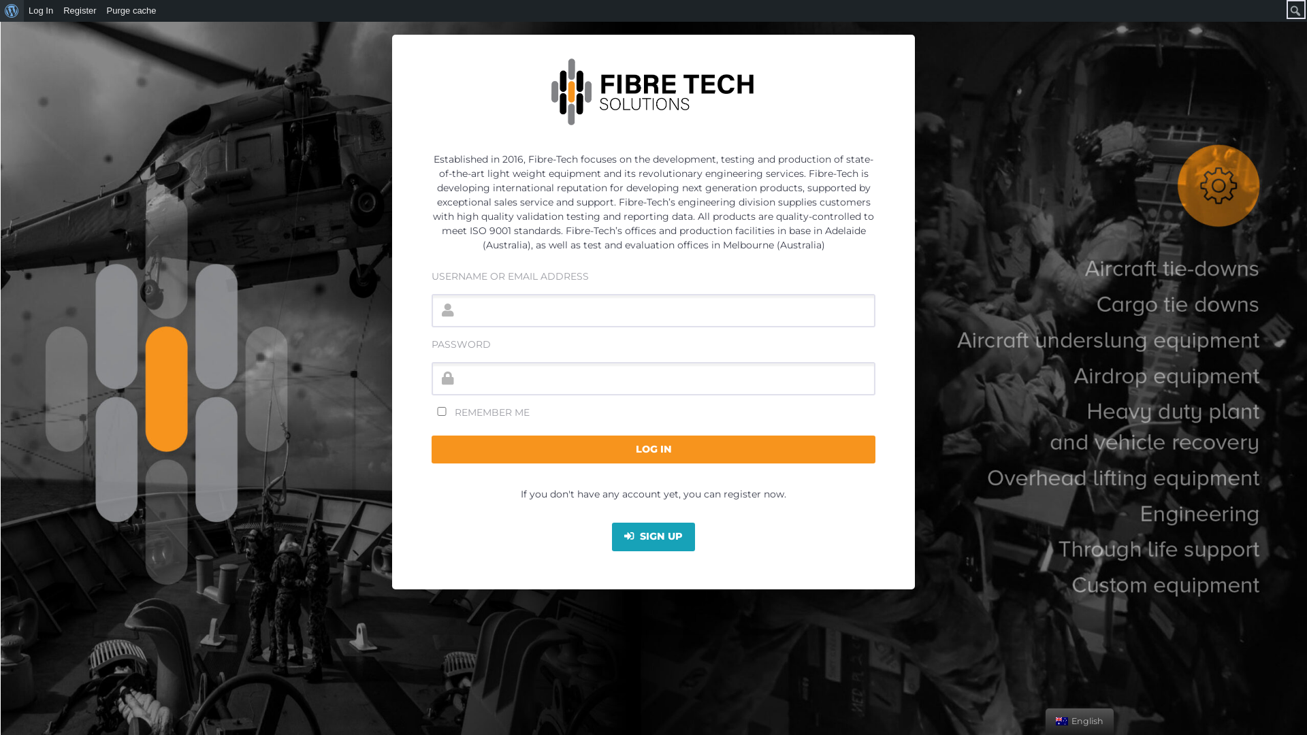  I want to click on 'SIGN UP', so click(653, 536).